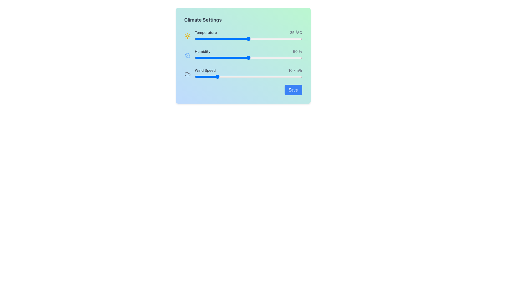 The image size is (505, 284). Describe the element at coordinates (272, 38) in the screenshot. I see `the temperature slider` at that location.